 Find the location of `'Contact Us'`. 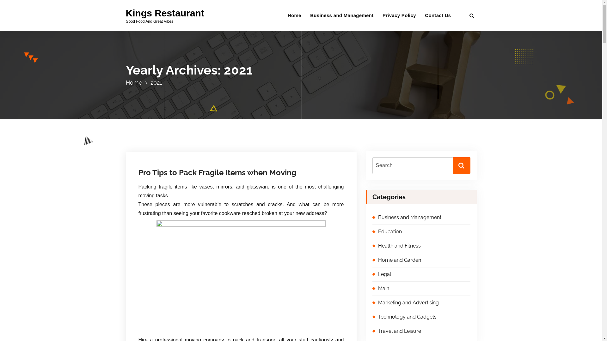

'Contact Us' is located at coordinates (438, 15).